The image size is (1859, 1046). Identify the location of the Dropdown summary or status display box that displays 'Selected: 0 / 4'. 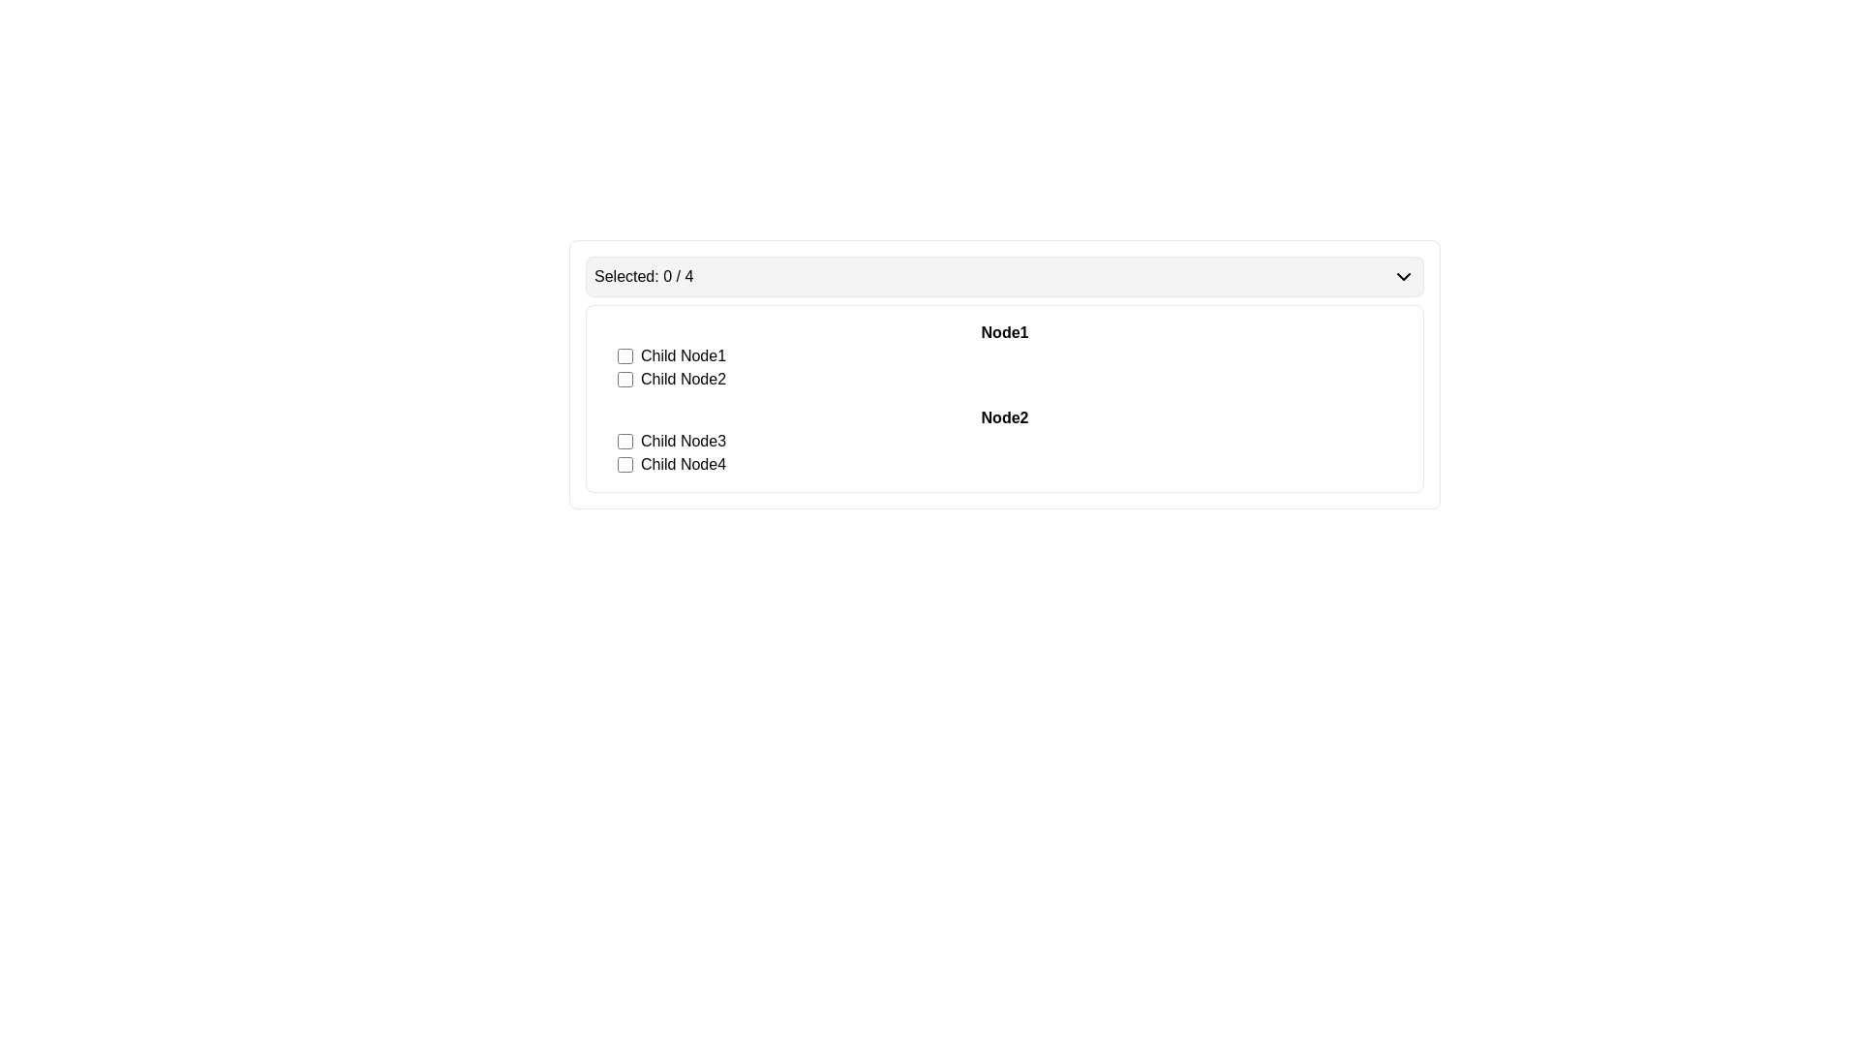
(1004, 276).